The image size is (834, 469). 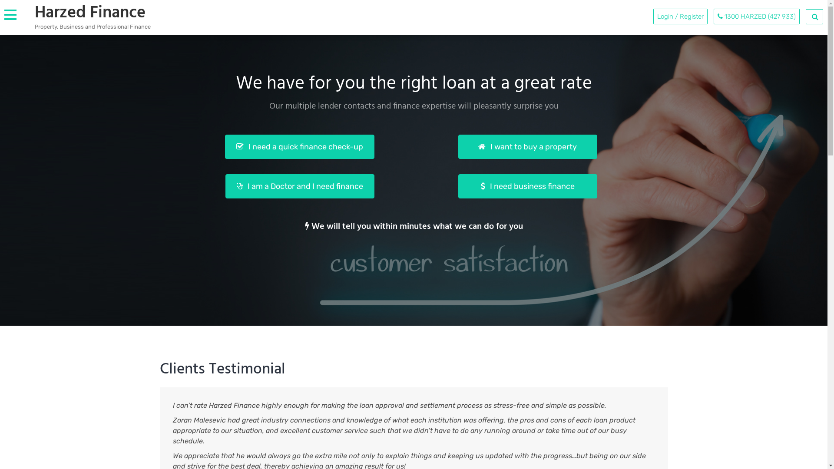 What do you see at coordinates (300, 185) in the screenshot?
I see `'I am a Doctor and I need finance'` at bounding box center [300, 185].